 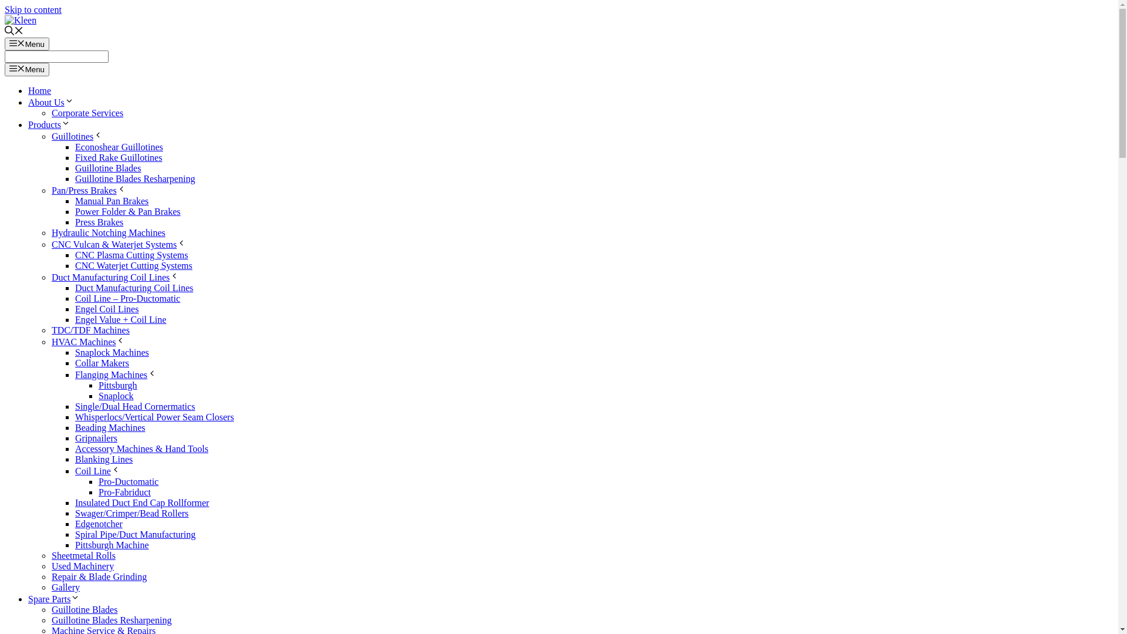 What do you see at coordinates (135, 534) in the screenshot?
I see `'Spiral Pipe/Duct Manufacturing'` at bounding box center [135, 534].